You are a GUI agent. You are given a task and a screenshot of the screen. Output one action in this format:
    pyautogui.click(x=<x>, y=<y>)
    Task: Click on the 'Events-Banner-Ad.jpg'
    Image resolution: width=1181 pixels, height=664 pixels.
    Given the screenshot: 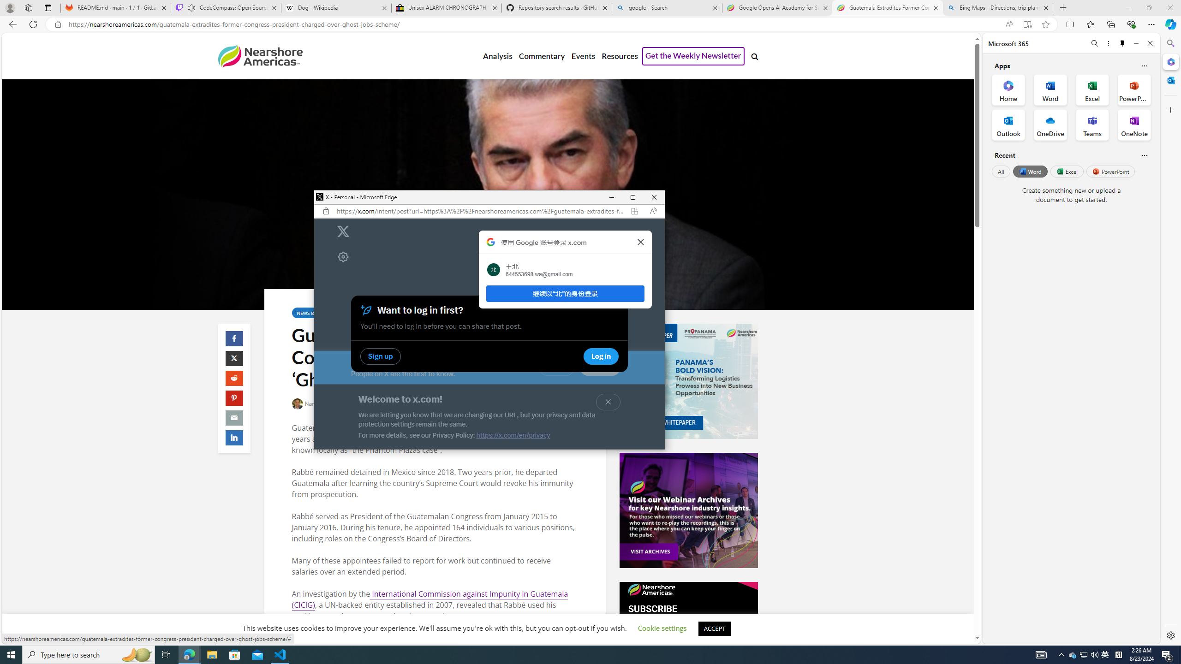 What is the action you would take?
    pyautogui.click(x=688, y=510)
    